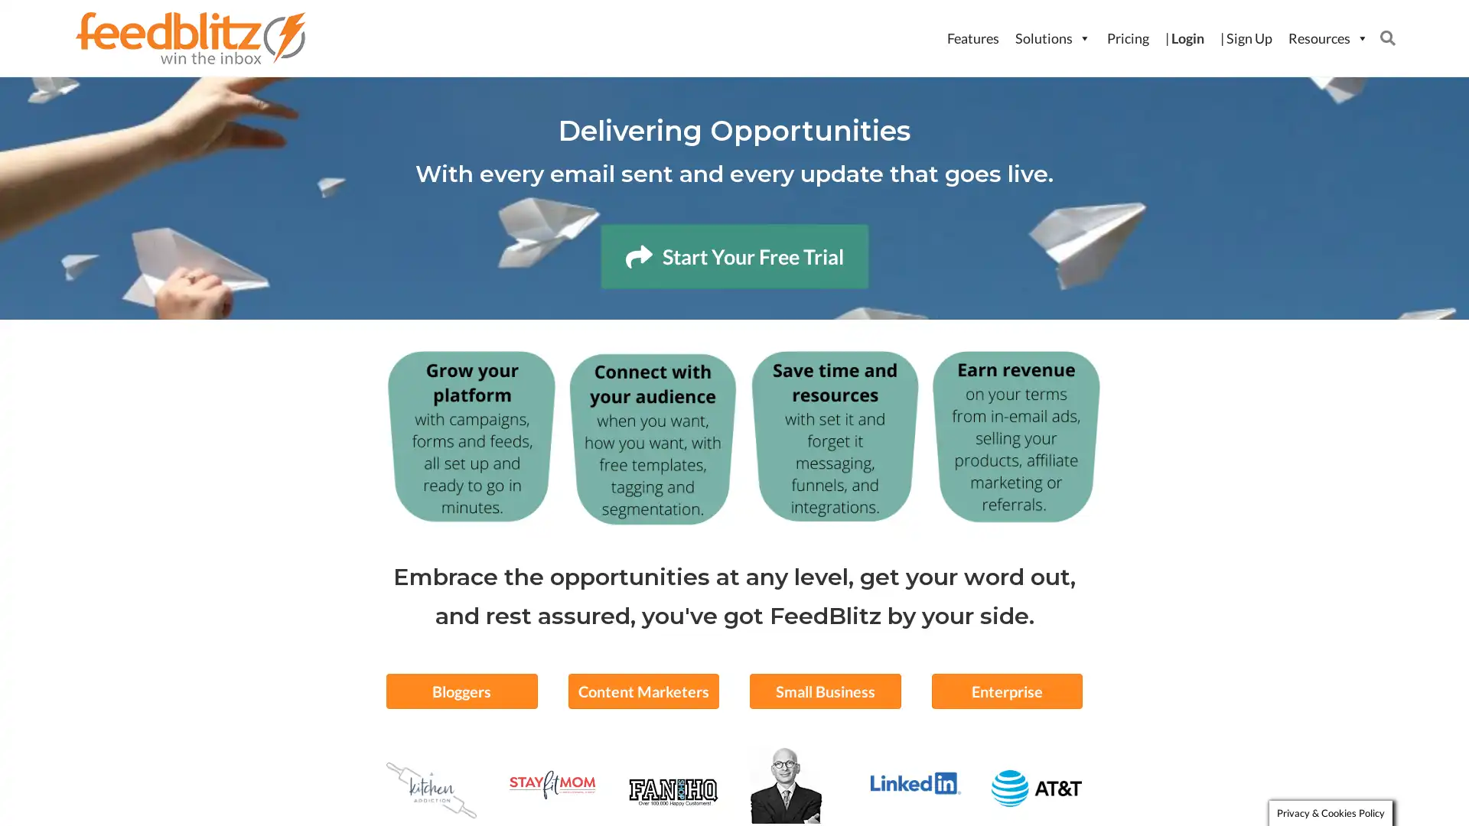  Describe the element at coordinates (733, 255) in the screenshot. I see `Start Your Free Trial` at that location.